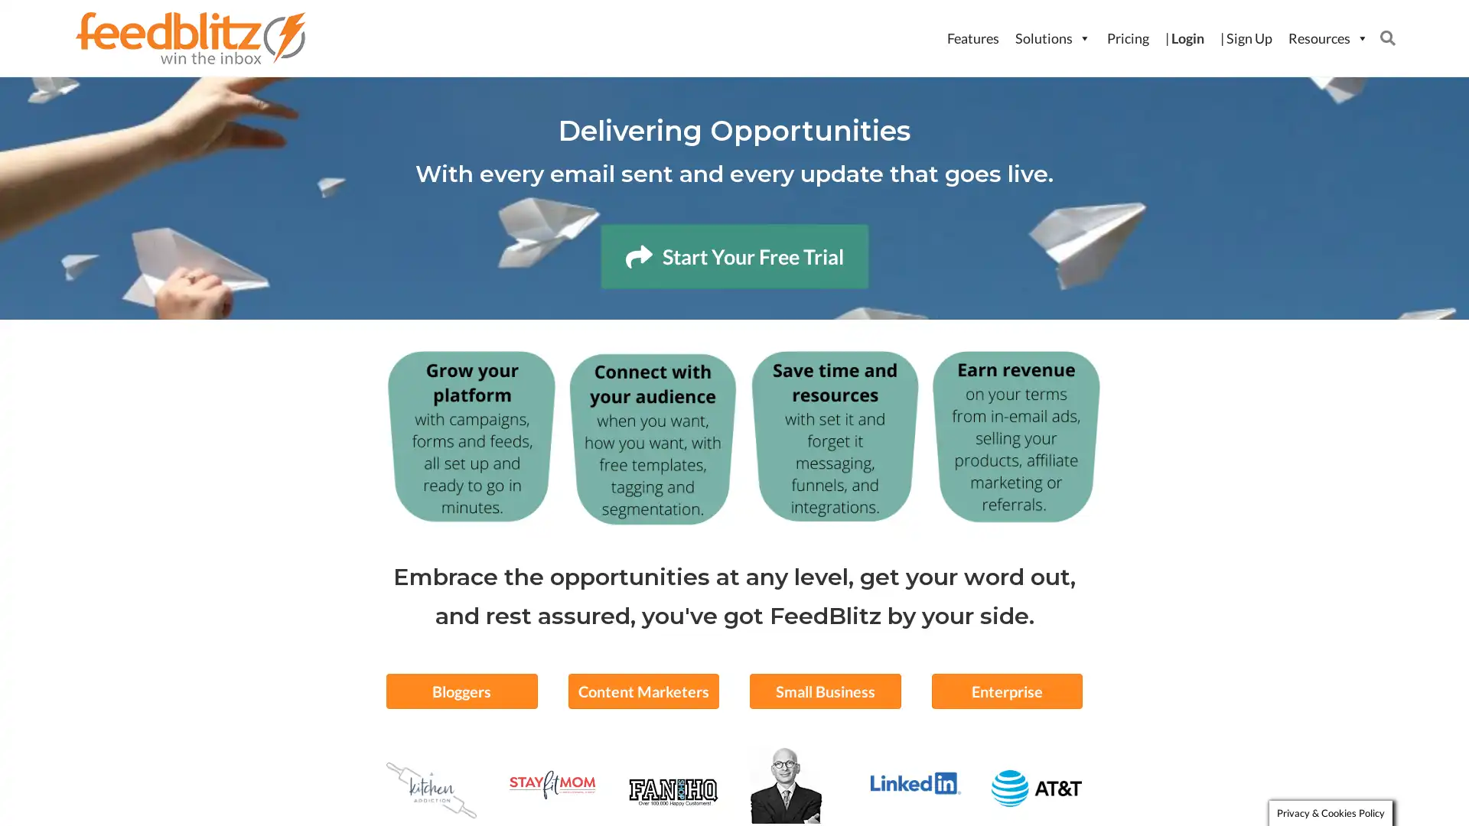  Describe the element at coordinates (733, 255) in the screenshot. I see `Start Your Free Trial` at that location.